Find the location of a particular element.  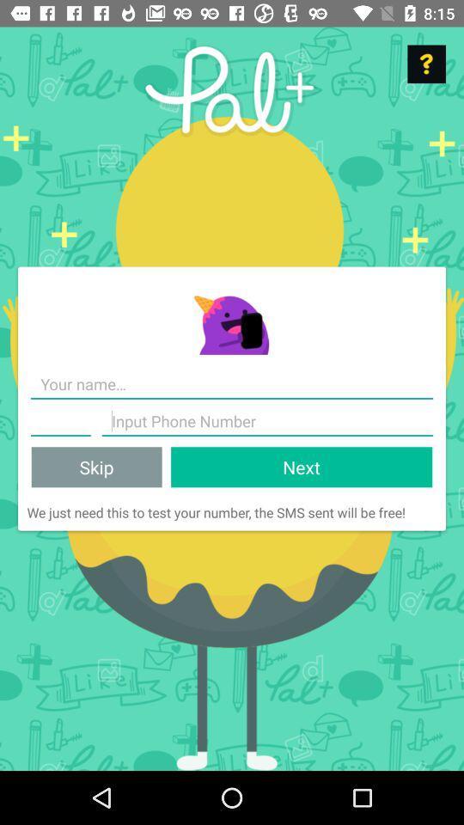

the next item is located at coordinates (301, 467).